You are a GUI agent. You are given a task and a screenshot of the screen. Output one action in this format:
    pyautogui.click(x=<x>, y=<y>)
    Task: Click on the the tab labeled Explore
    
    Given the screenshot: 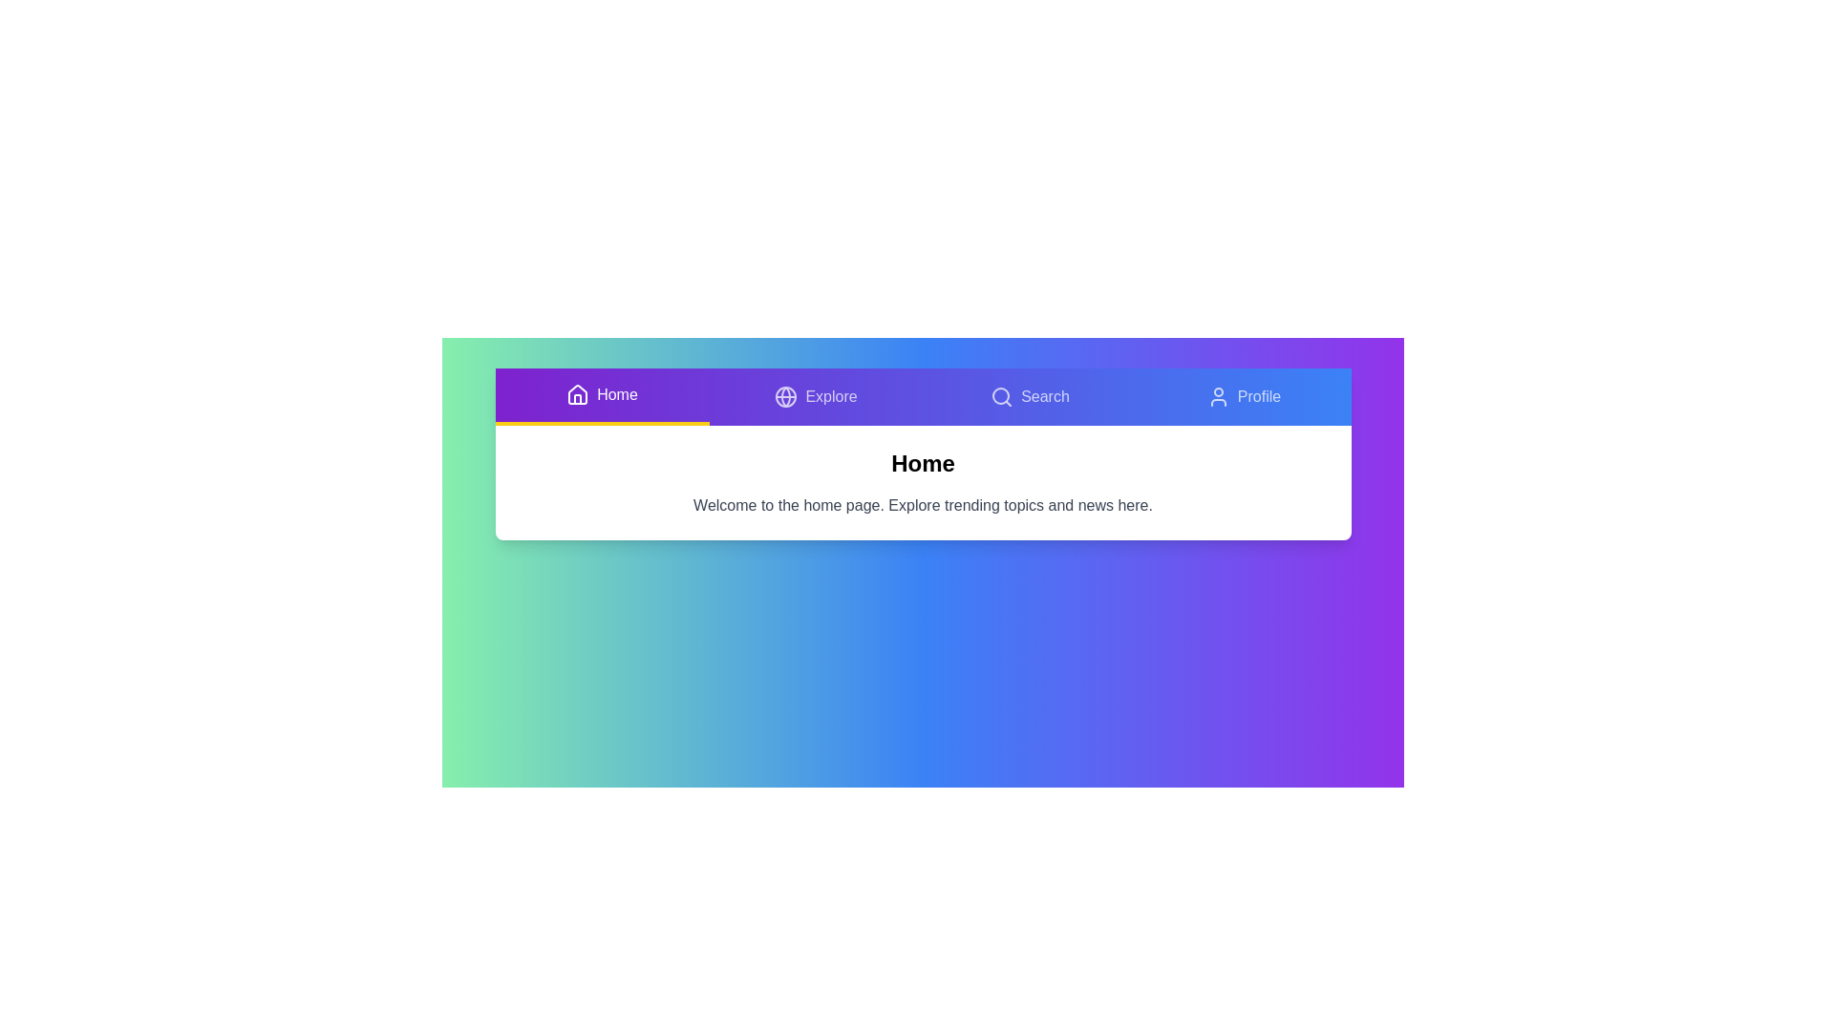 What is the action you would take?
    pyautogui.click(x=816, y=396)
    